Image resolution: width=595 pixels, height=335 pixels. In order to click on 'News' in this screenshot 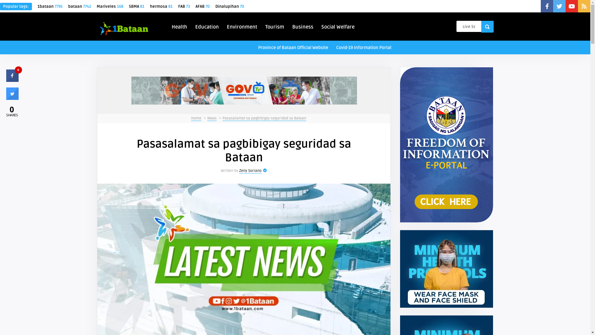, I will do `click(212, 118)`.